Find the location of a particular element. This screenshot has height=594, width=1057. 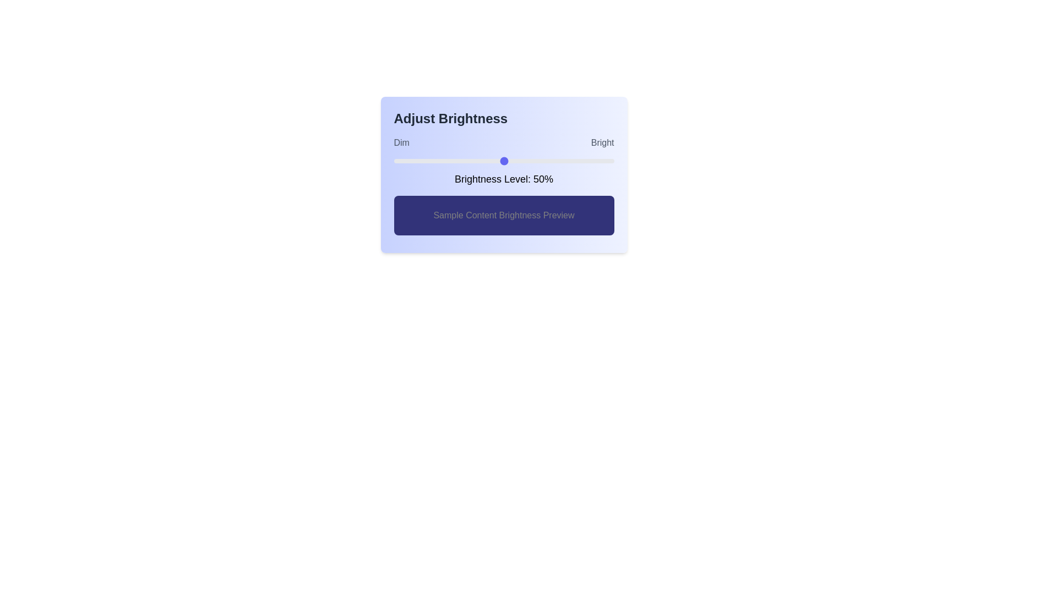

the brightness slider to 98% is located at coordinates (609, 161).